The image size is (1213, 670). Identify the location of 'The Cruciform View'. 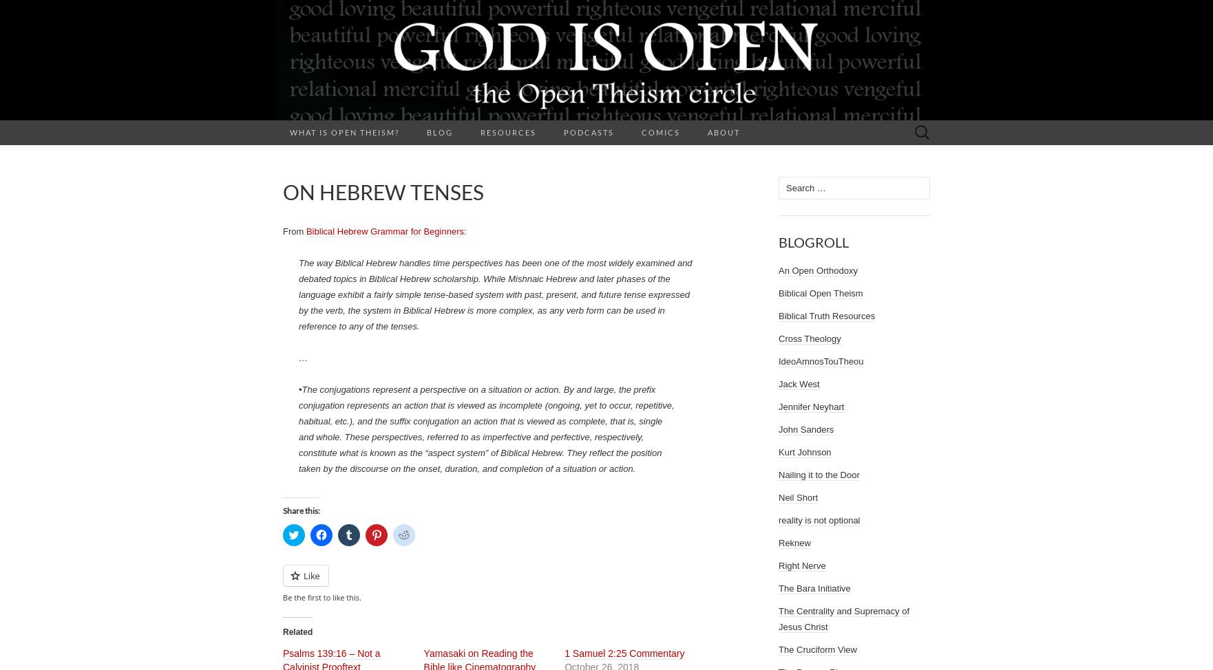
(817, 649).